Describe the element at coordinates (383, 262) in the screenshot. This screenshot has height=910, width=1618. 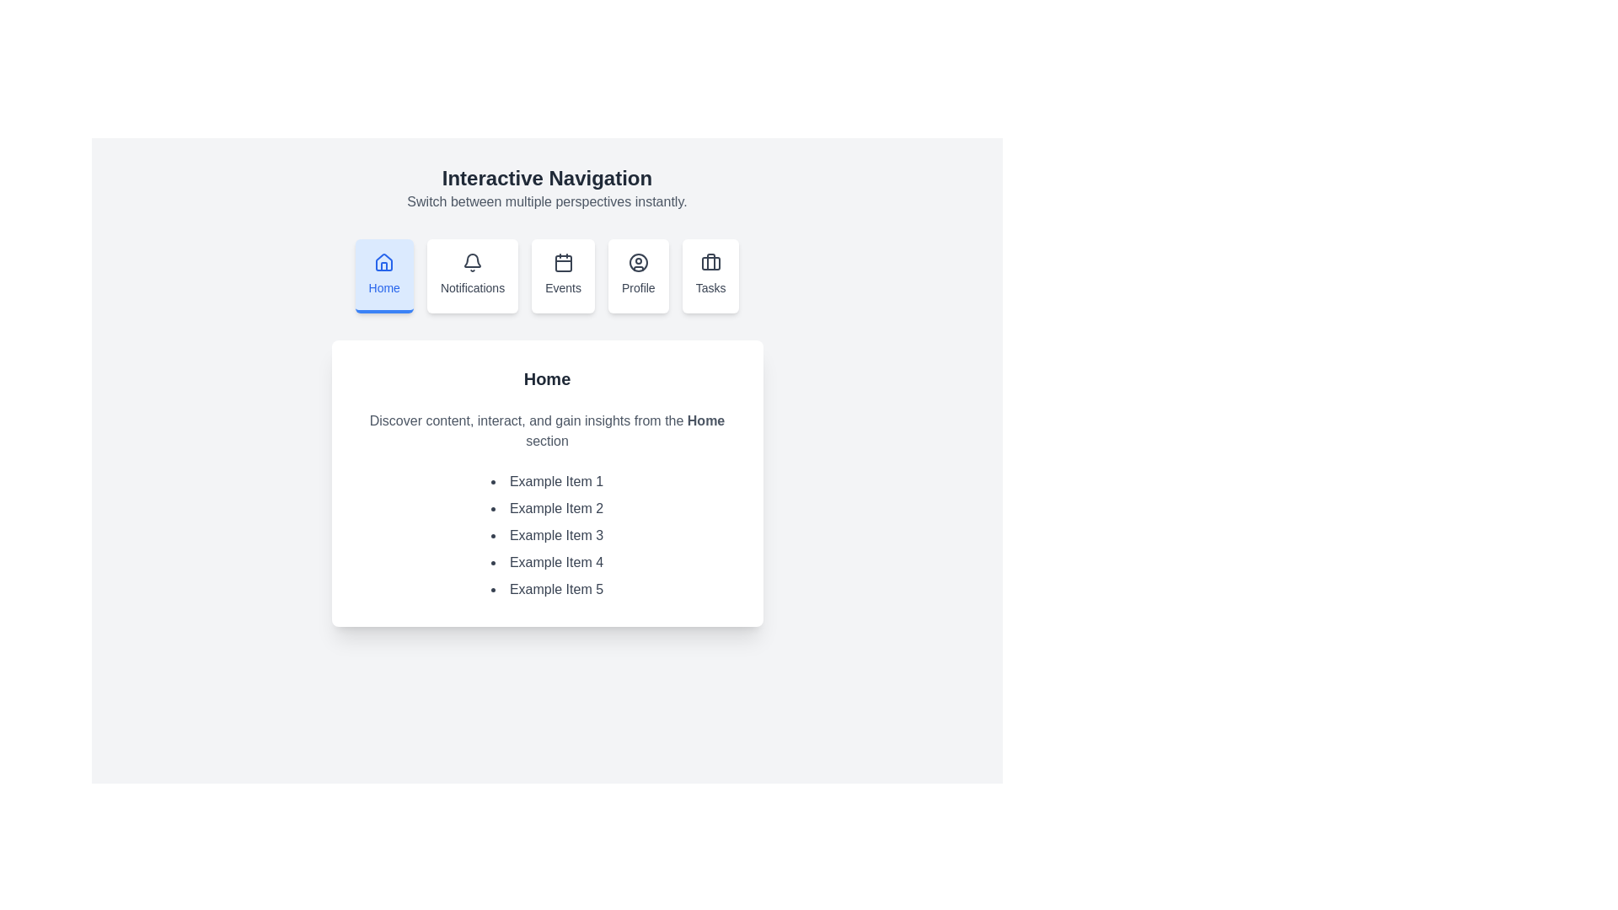
I see `the home icon located in the top-left corner of the navigation menu bar, which is highlighted with a blue background when active` at that location.